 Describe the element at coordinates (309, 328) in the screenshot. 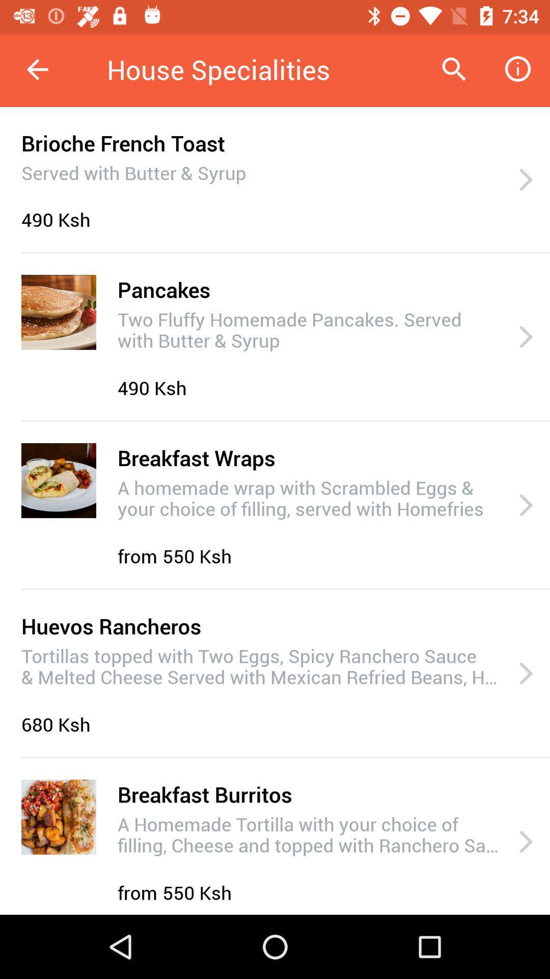

I see `the icon below the pancakes icon` at that location.